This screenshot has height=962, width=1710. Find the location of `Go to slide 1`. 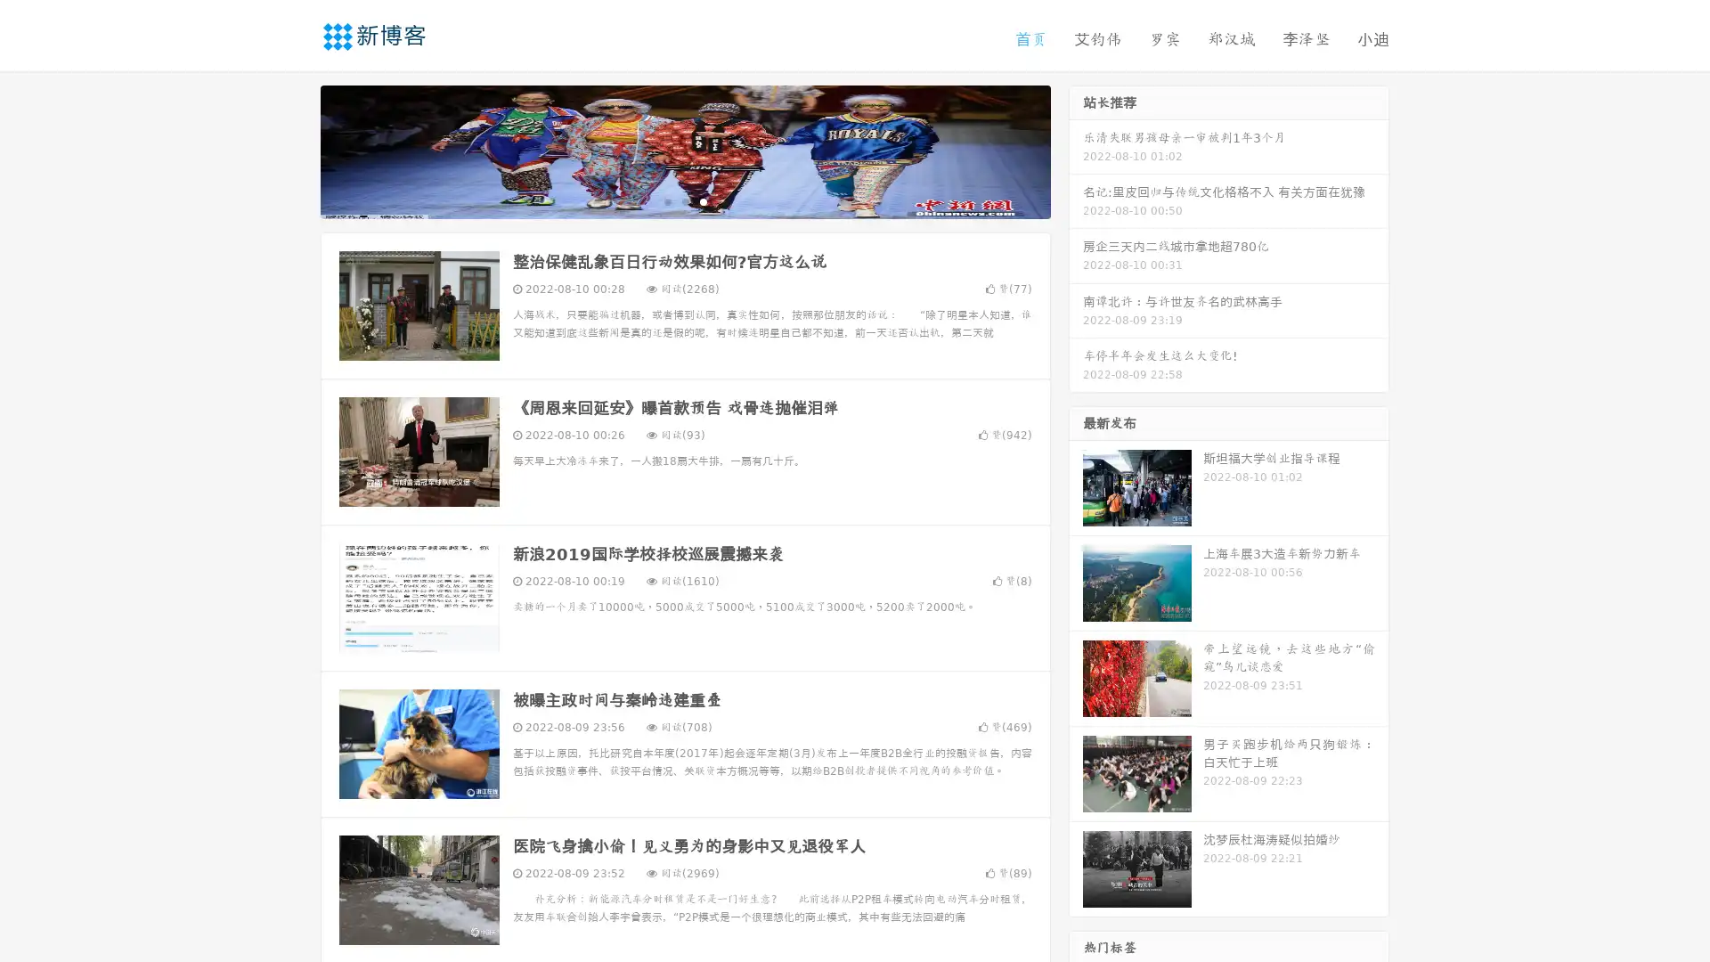

Go to slide 1 is located at coordinates (666, 200).